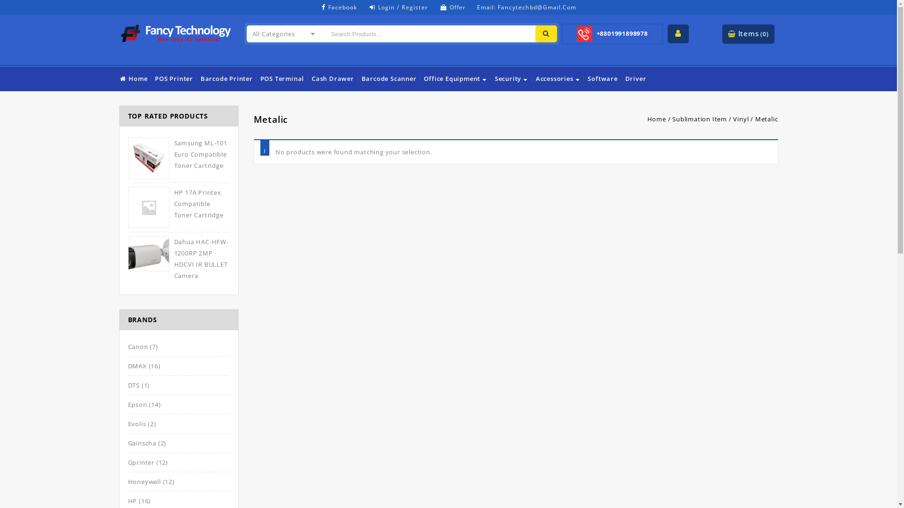 This screenshot has height=508, width=904. I want to click on 'DTS', so click(133, 385).